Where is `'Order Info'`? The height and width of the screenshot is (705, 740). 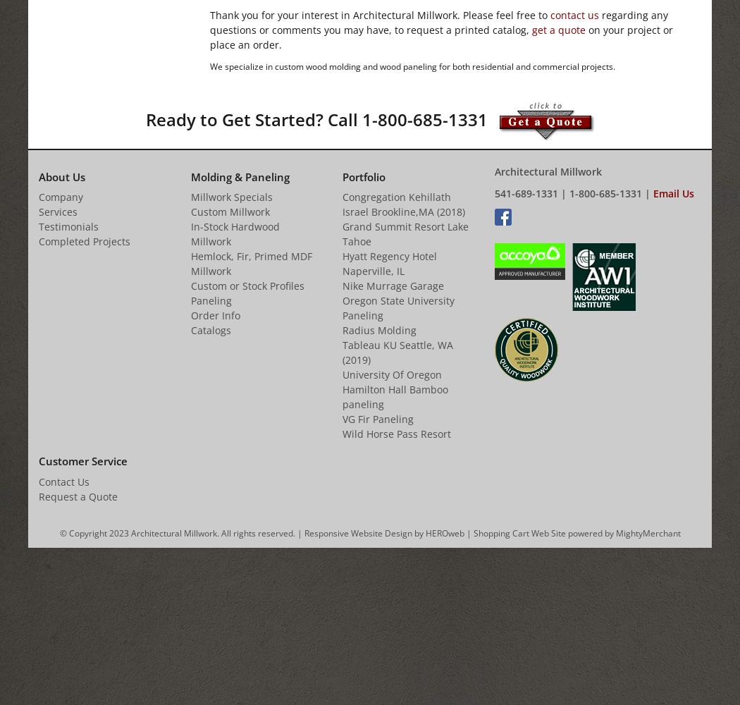 'Order Info' is located at coordinates (215, 314).